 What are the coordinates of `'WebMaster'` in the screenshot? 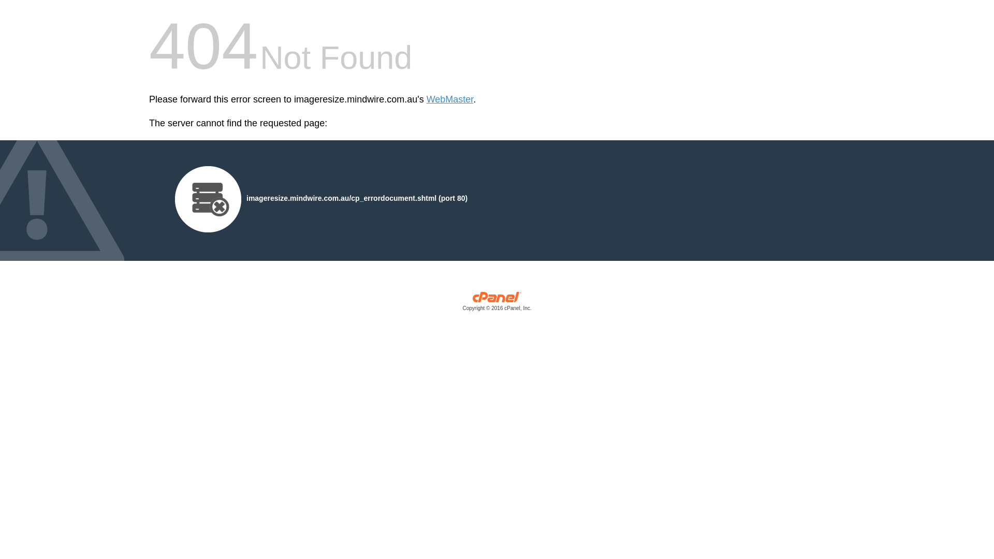 It's located at (450, 99).